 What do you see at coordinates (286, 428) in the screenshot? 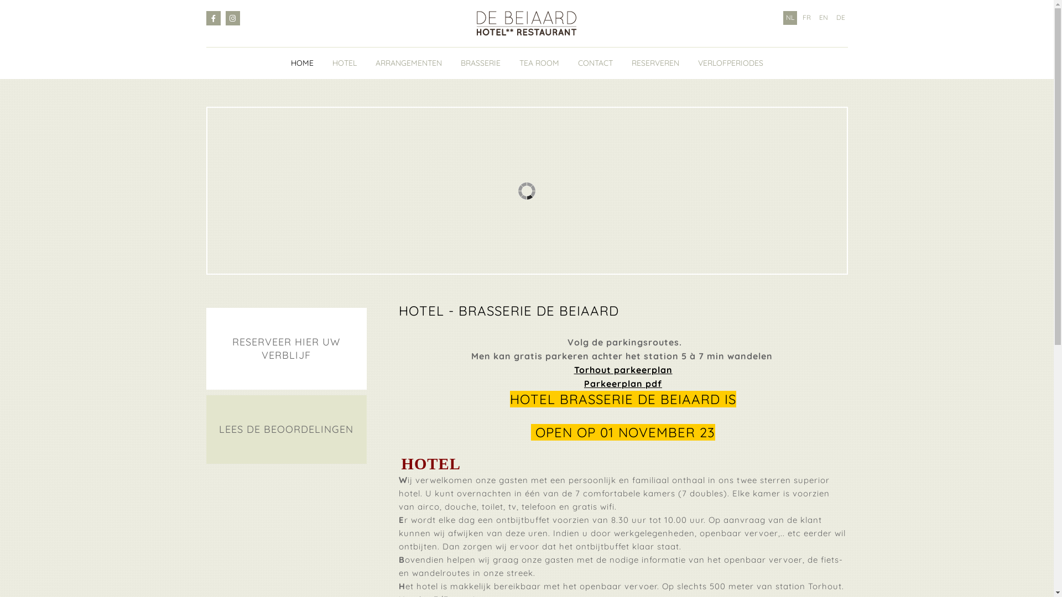
I see `'LEES DE BEOORDELINGEN'` at bounding box center [286, 428].